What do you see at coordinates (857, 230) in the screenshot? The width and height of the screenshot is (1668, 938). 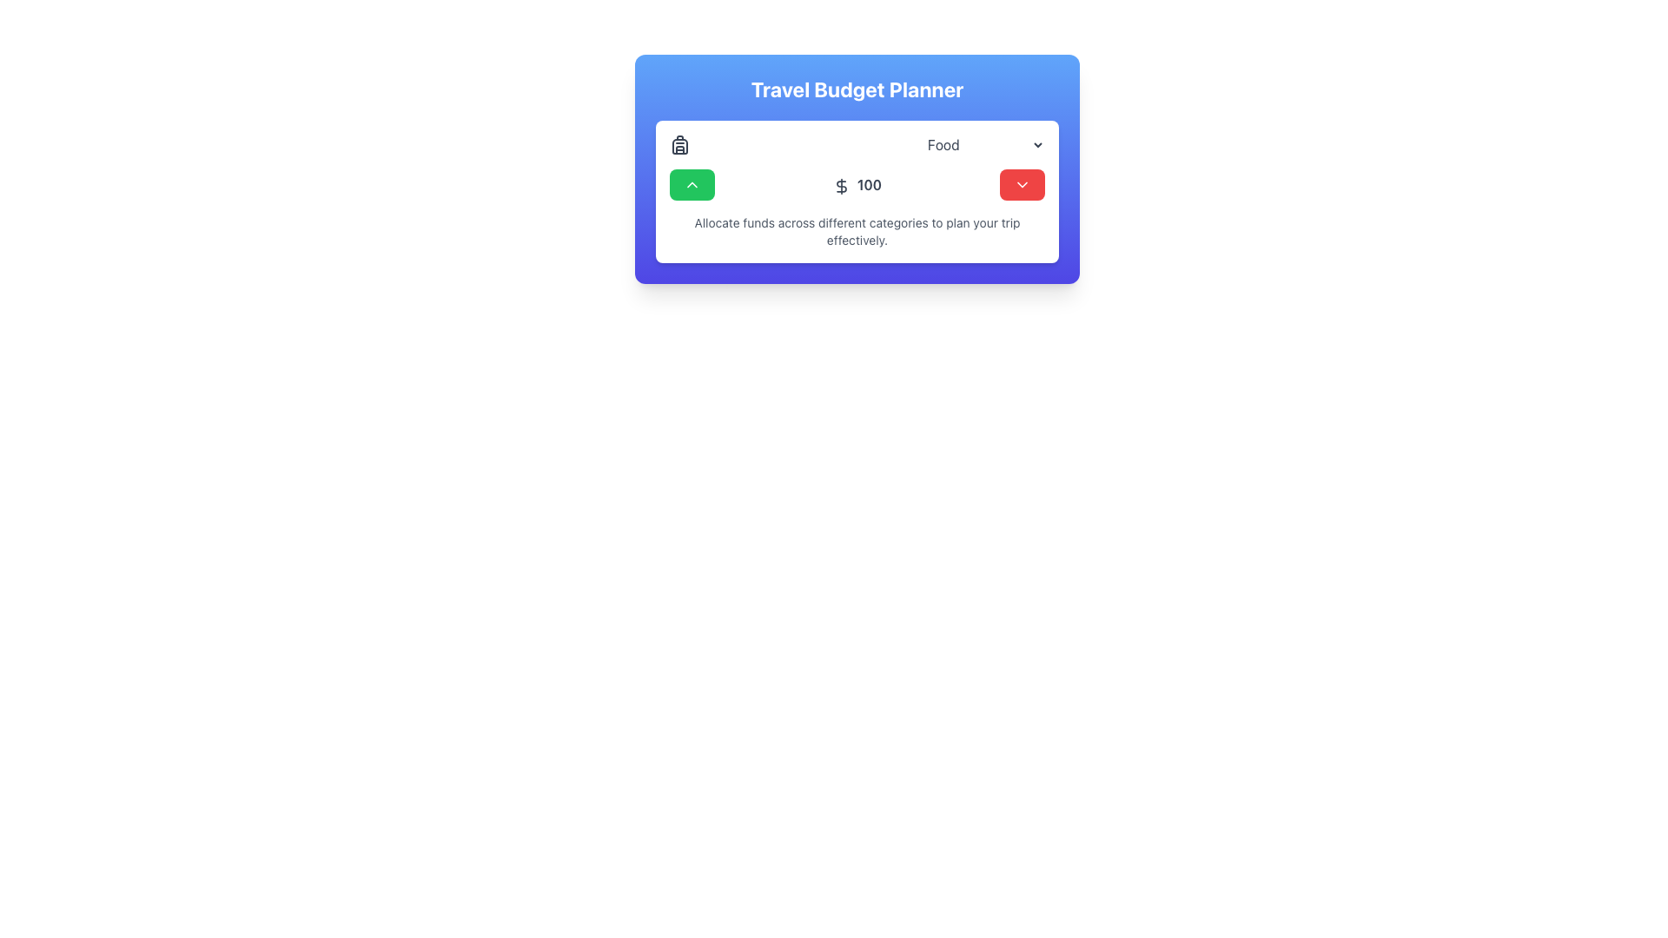 I see `the text label providing guidance on managing and allocating funds effectively in the 'Travel Budget Planner' card interface` at bounding box center [857, 230].